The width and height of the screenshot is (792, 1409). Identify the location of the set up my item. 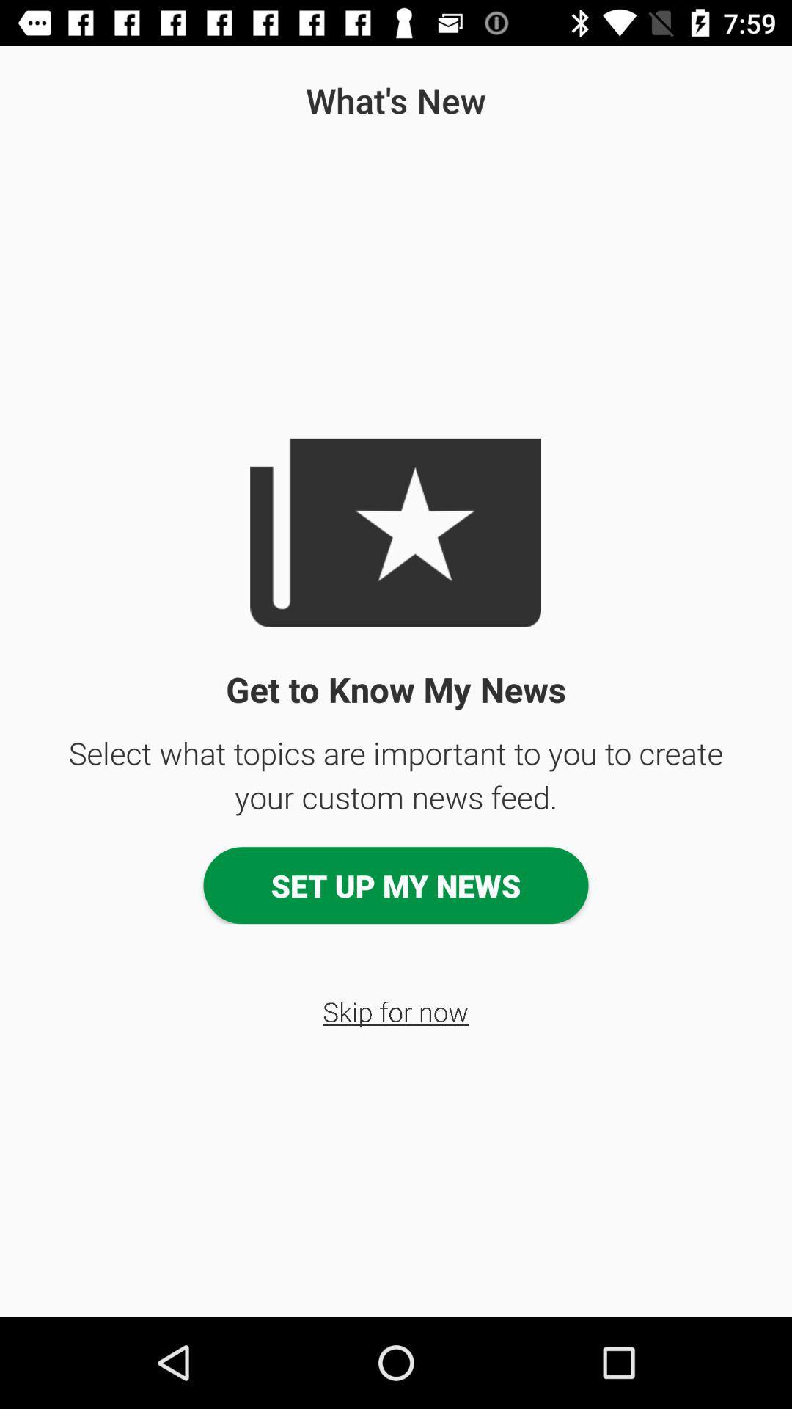
(396, 884).